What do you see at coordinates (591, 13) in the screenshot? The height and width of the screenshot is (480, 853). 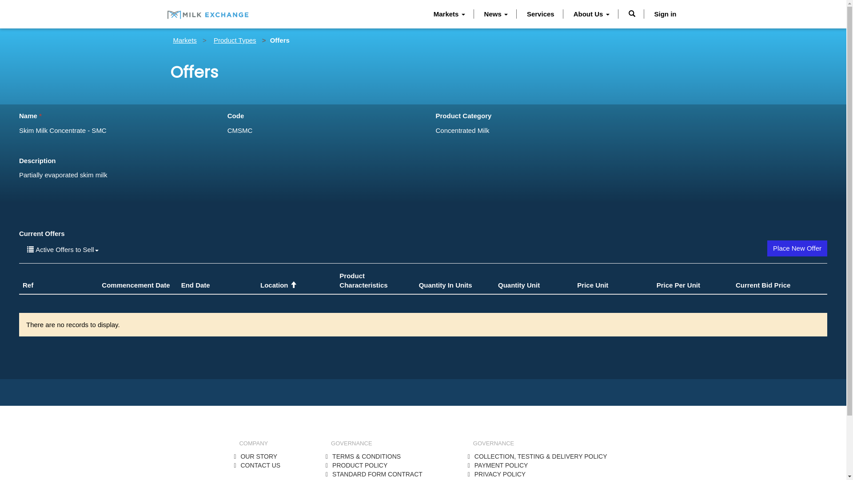 I see `'About Us'` at bounding box center [591, 13].